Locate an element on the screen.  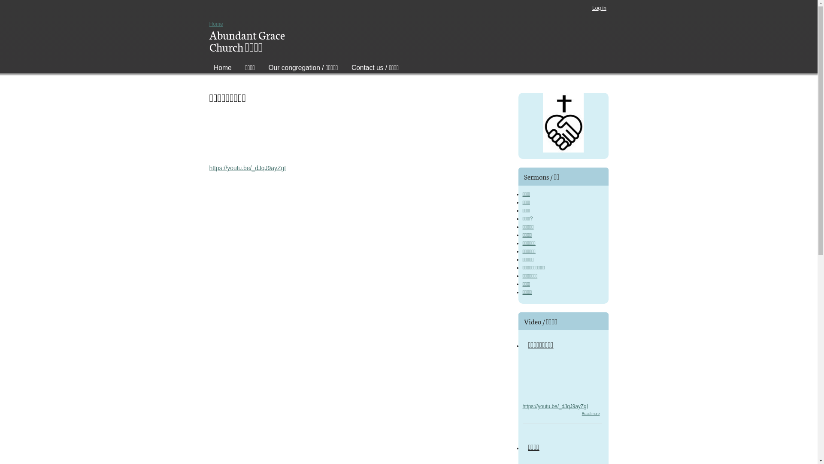
'https://youtu.be/_dJqJ9ayZgI' is located at coordinates (555, 406).